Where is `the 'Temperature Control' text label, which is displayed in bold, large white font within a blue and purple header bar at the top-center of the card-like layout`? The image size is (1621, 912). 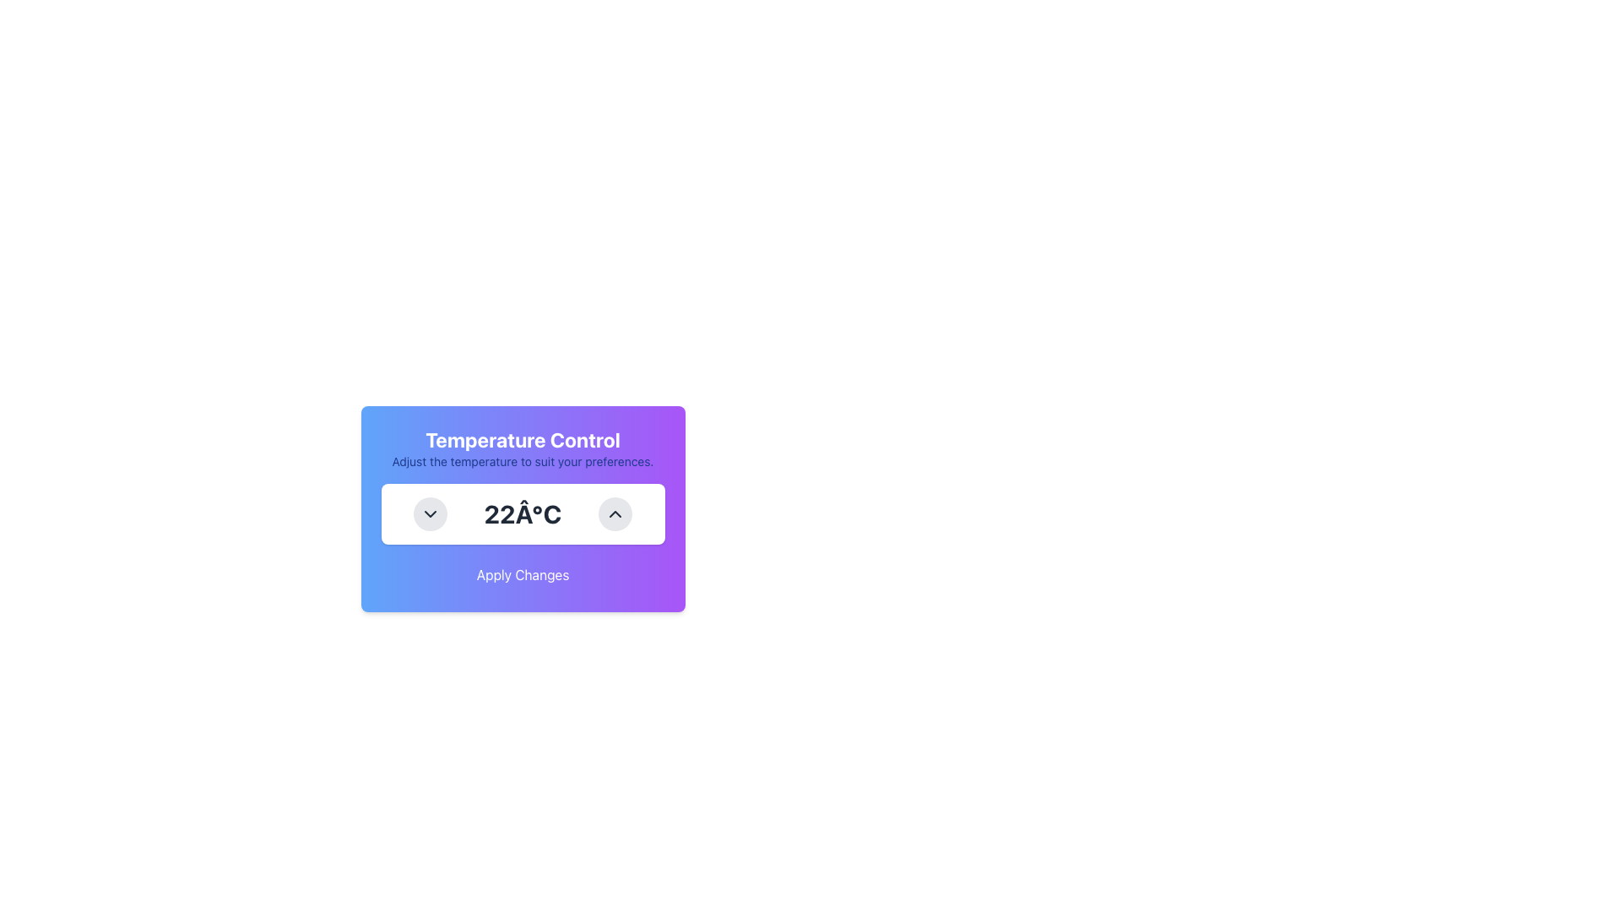
the 'Temperature Control' text label, which is displayed in bold, large white font within a blue and purple header bar at the top-center of the card-like layout is located at coordinates (522, 438).